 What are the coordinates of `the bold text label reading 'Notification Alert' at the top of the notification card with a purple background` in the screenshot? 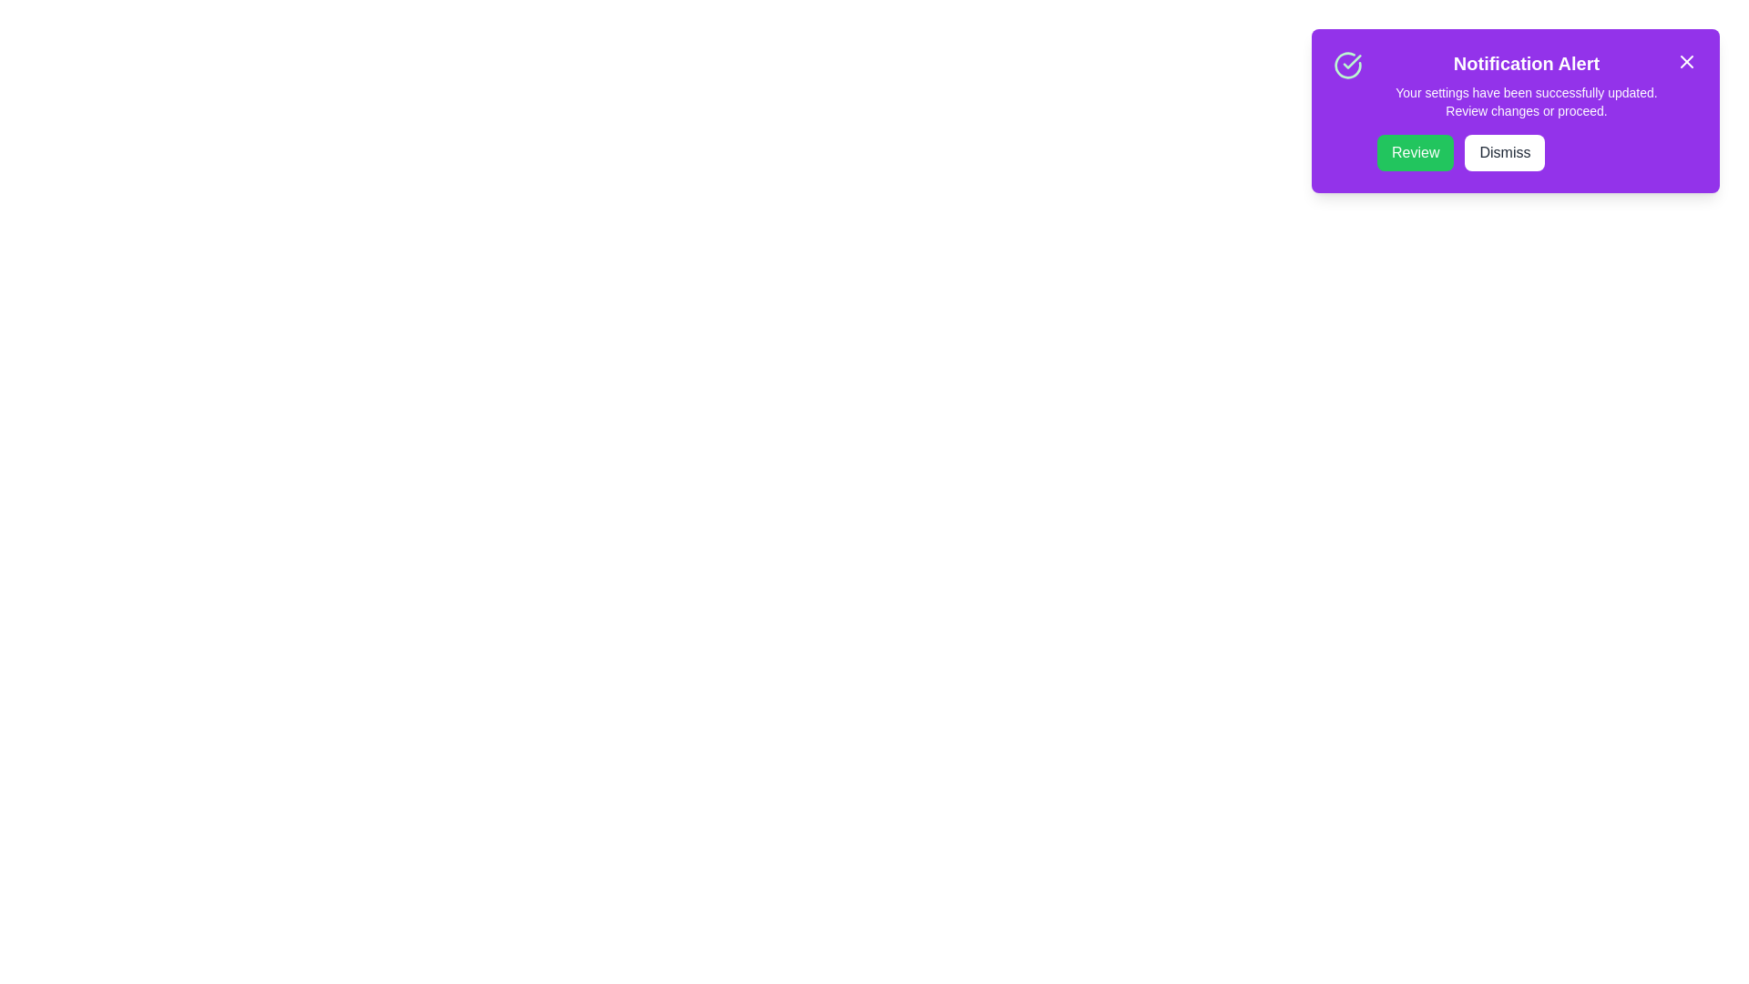 It's located at (1526, 62).